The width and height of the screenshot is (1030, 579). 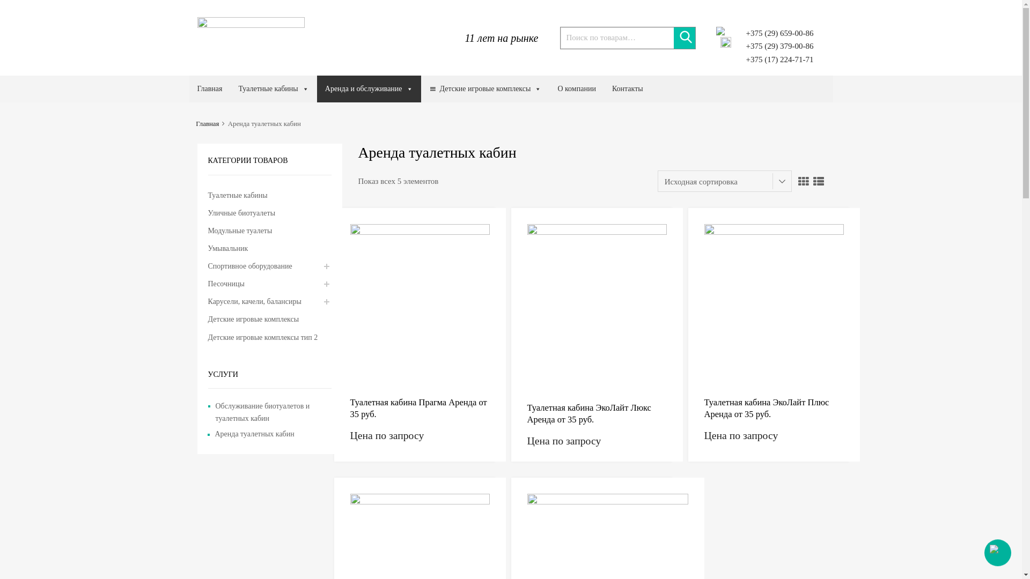 I want to click on '+375 (29) 379-00-86', so click(x=745, y=46).